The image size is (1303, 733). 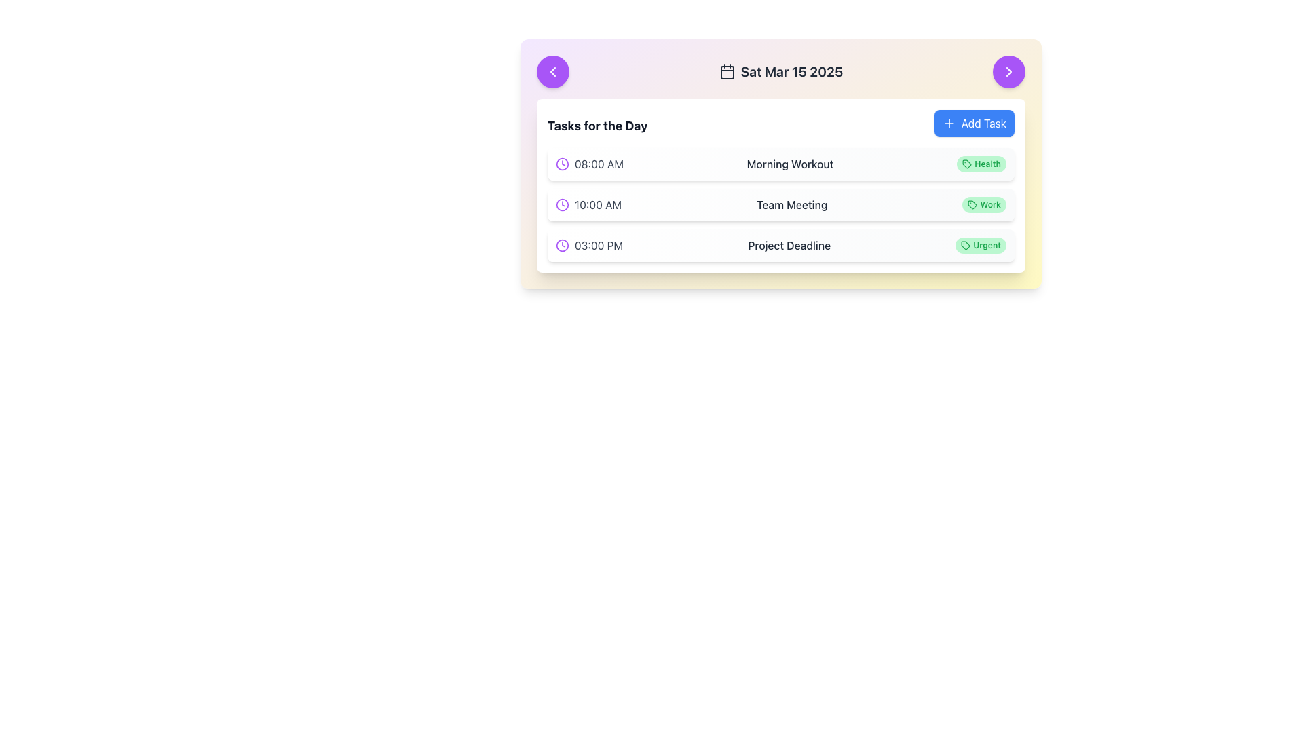 I want to click on the text label displaying '08:00 AM' that indicates the task start time in the time scheduling interface, so click(x=599, y=164).